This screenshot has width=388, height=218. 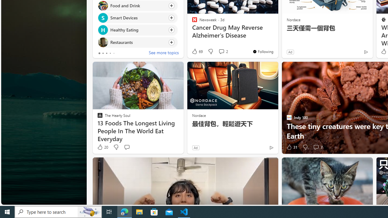 I want to click on 'tab-3', so click(x=110, y=53).